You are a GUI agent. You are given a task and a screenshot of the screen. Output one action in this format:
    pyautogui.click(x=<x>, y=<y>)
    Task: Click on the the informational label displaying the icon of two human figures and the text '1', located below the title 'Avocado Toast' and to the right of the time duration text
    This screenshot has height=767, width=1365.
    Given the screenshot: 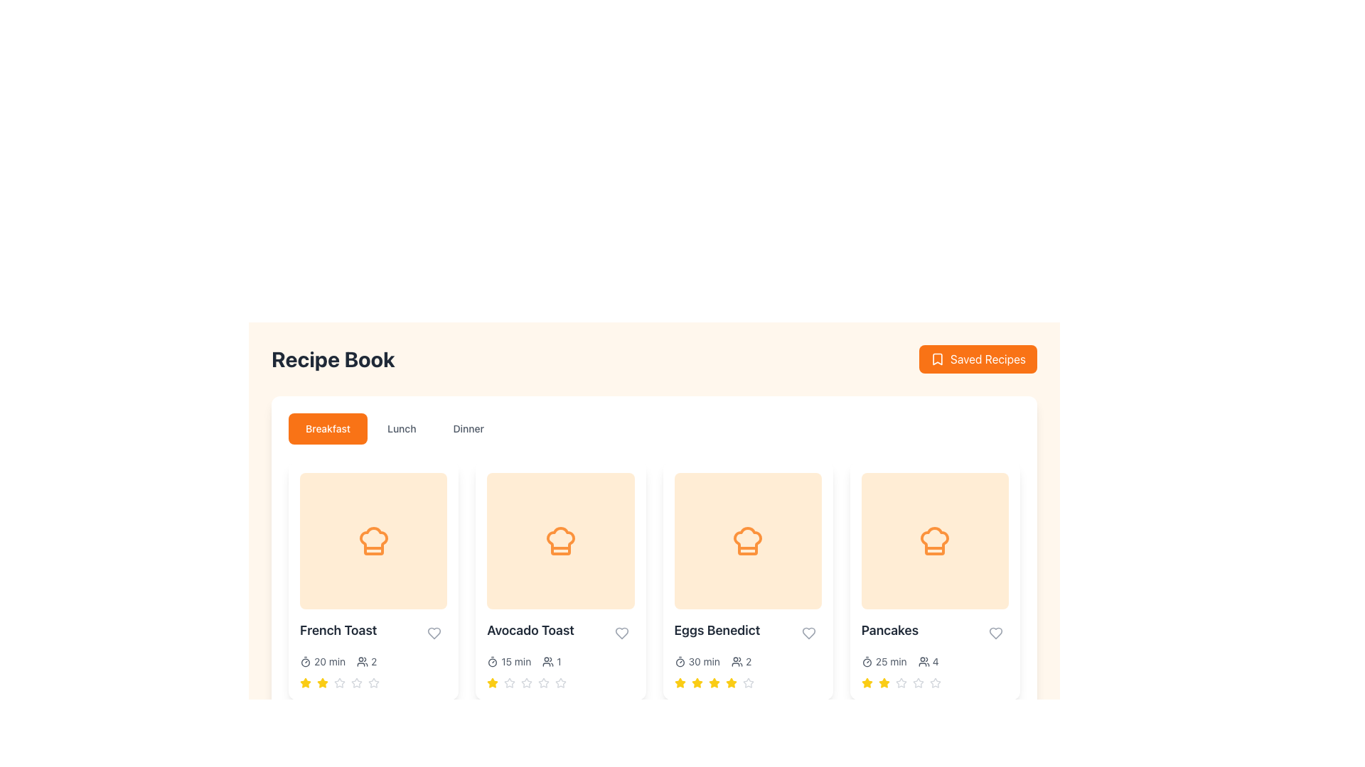 What is the action you would take?
    pyautogui.click(x=551, y=662)
    